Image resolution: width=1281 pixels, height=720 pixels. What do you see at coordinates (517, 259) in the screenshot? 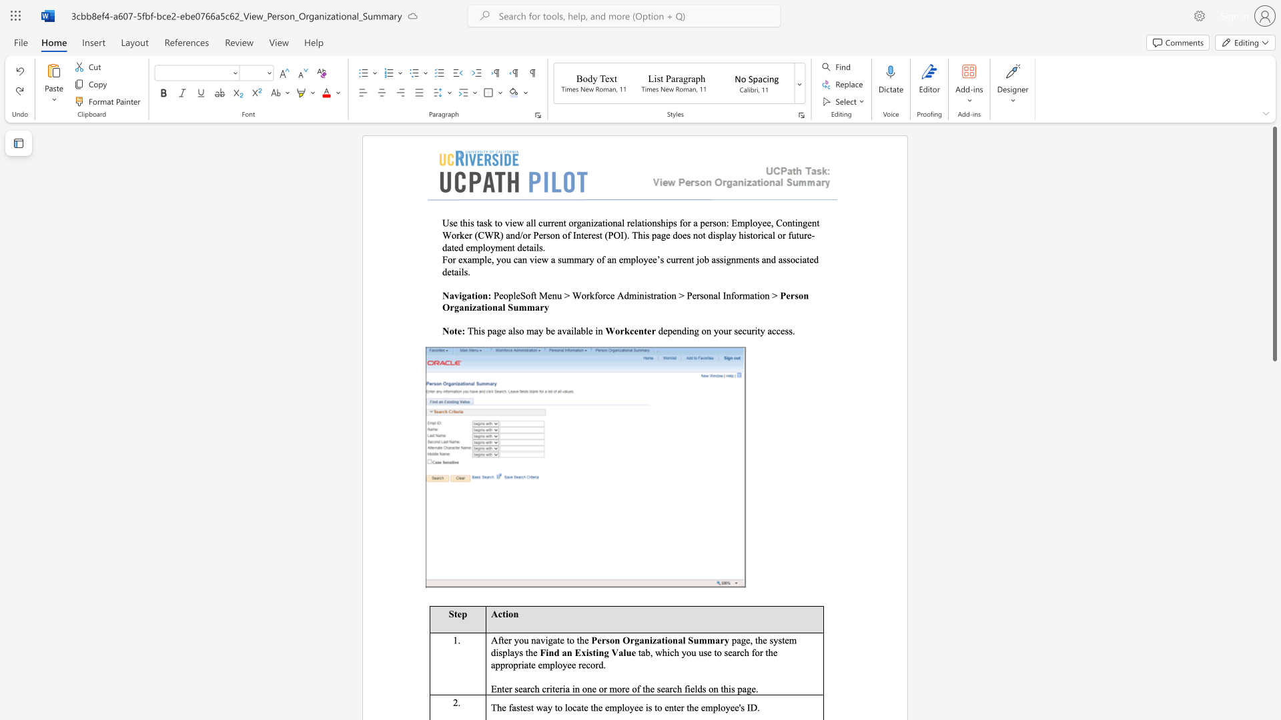
I see `the subset text "an view a summary of an emp" within the text "For example, you can view a summary of an employee’s current job assignments and associated details."` at bounding box center [517, 259].